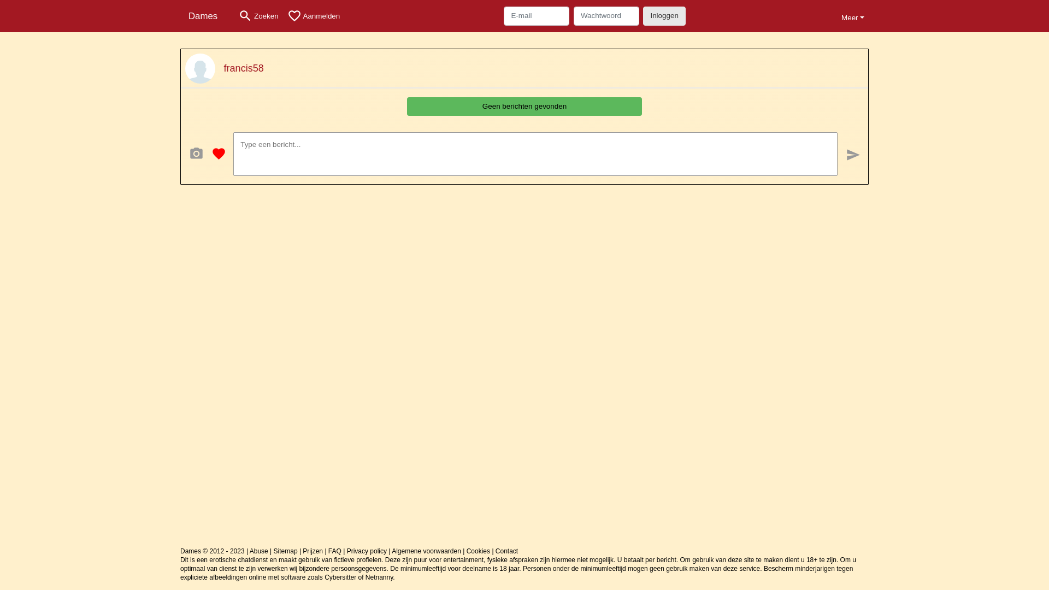  What do you see at coordinates (249, 551) in the screenshot?
I see `'Abuse'` at bounding box center [249, 551].